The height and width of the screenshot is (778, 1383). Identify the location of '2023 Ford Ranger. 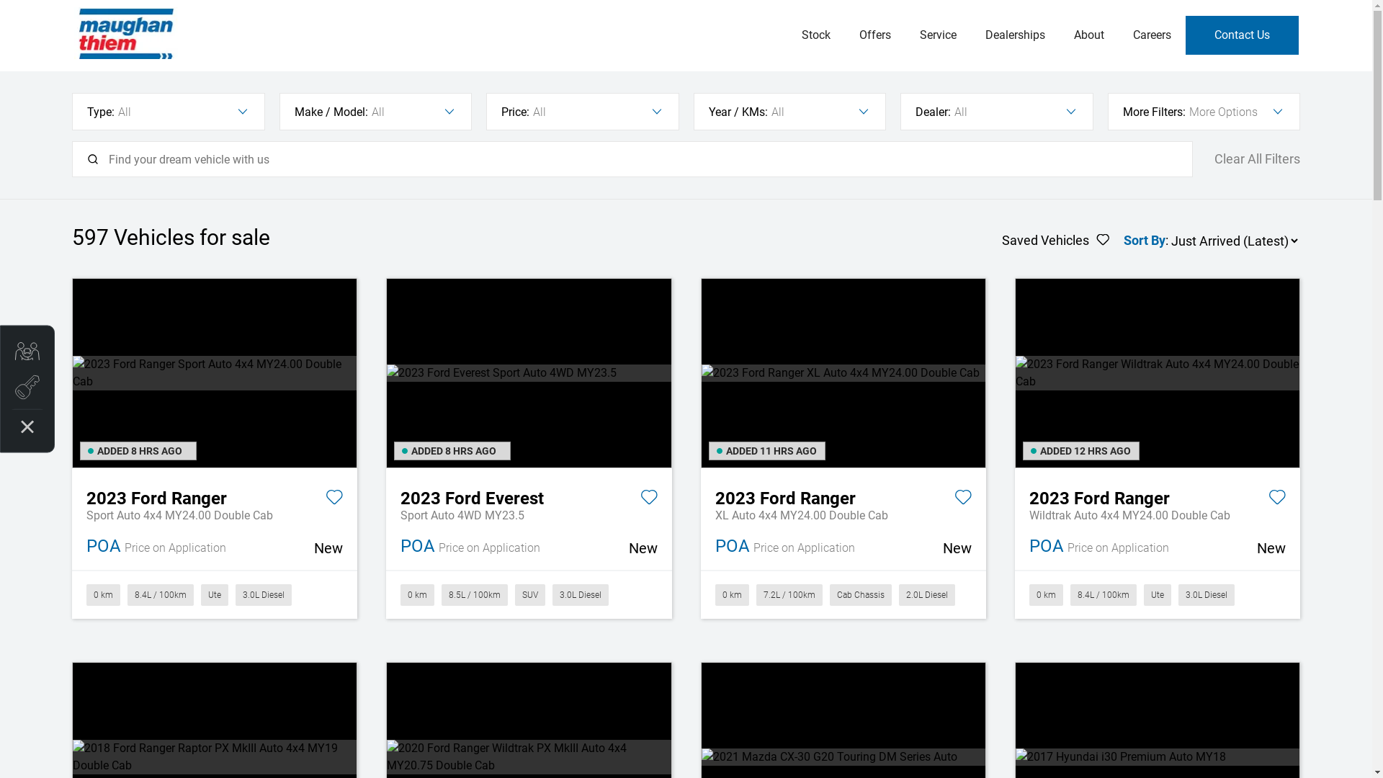
(213, 496).